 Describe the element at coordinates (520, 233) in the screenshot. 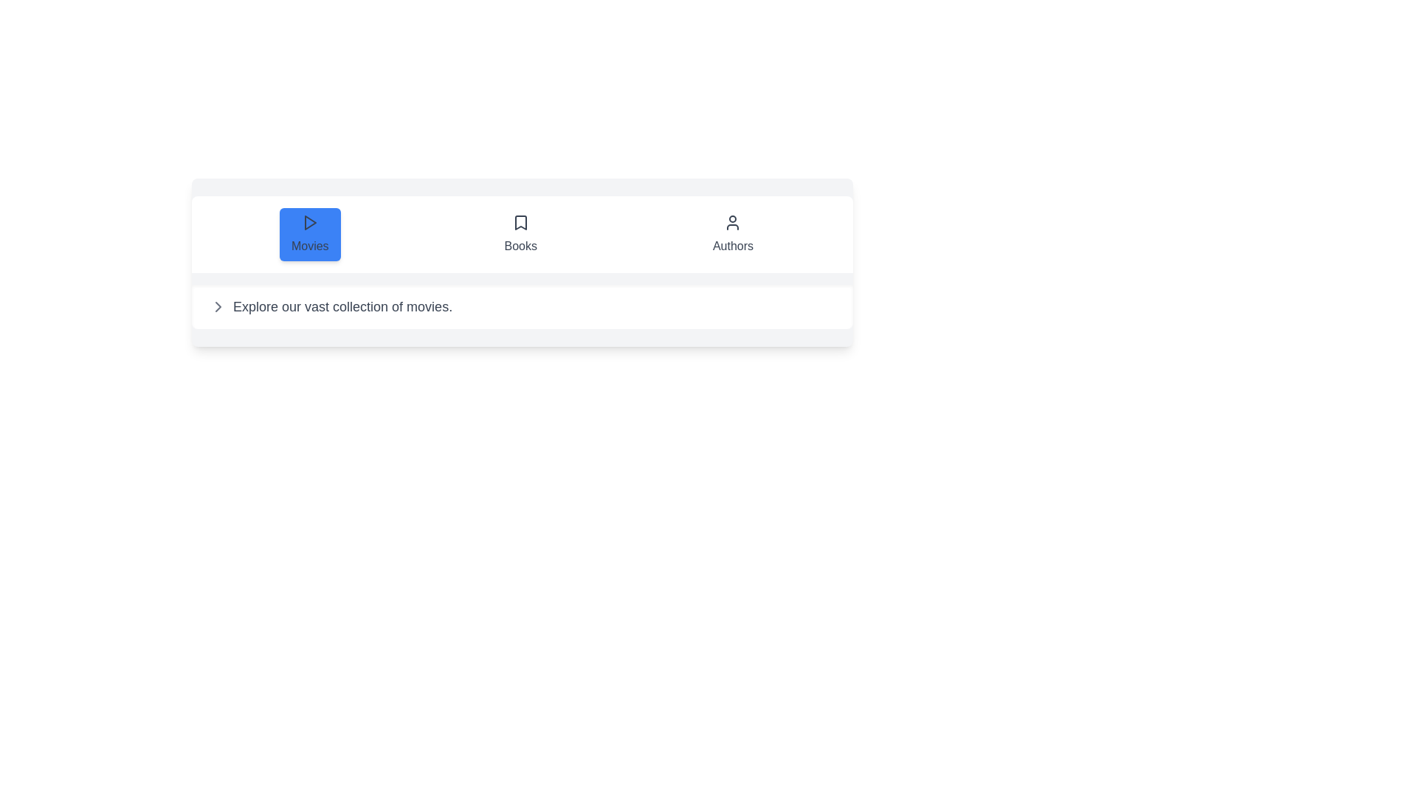

I see `the Books tab` at that location.